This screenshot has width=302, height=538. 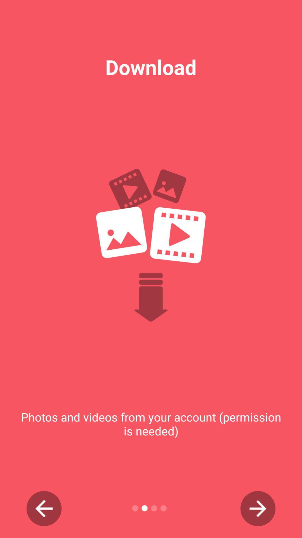 What do you see at coordinates (258, 508) in the screenshot?
I see `the arrow_forward icon` at bounding box center [258, 508].